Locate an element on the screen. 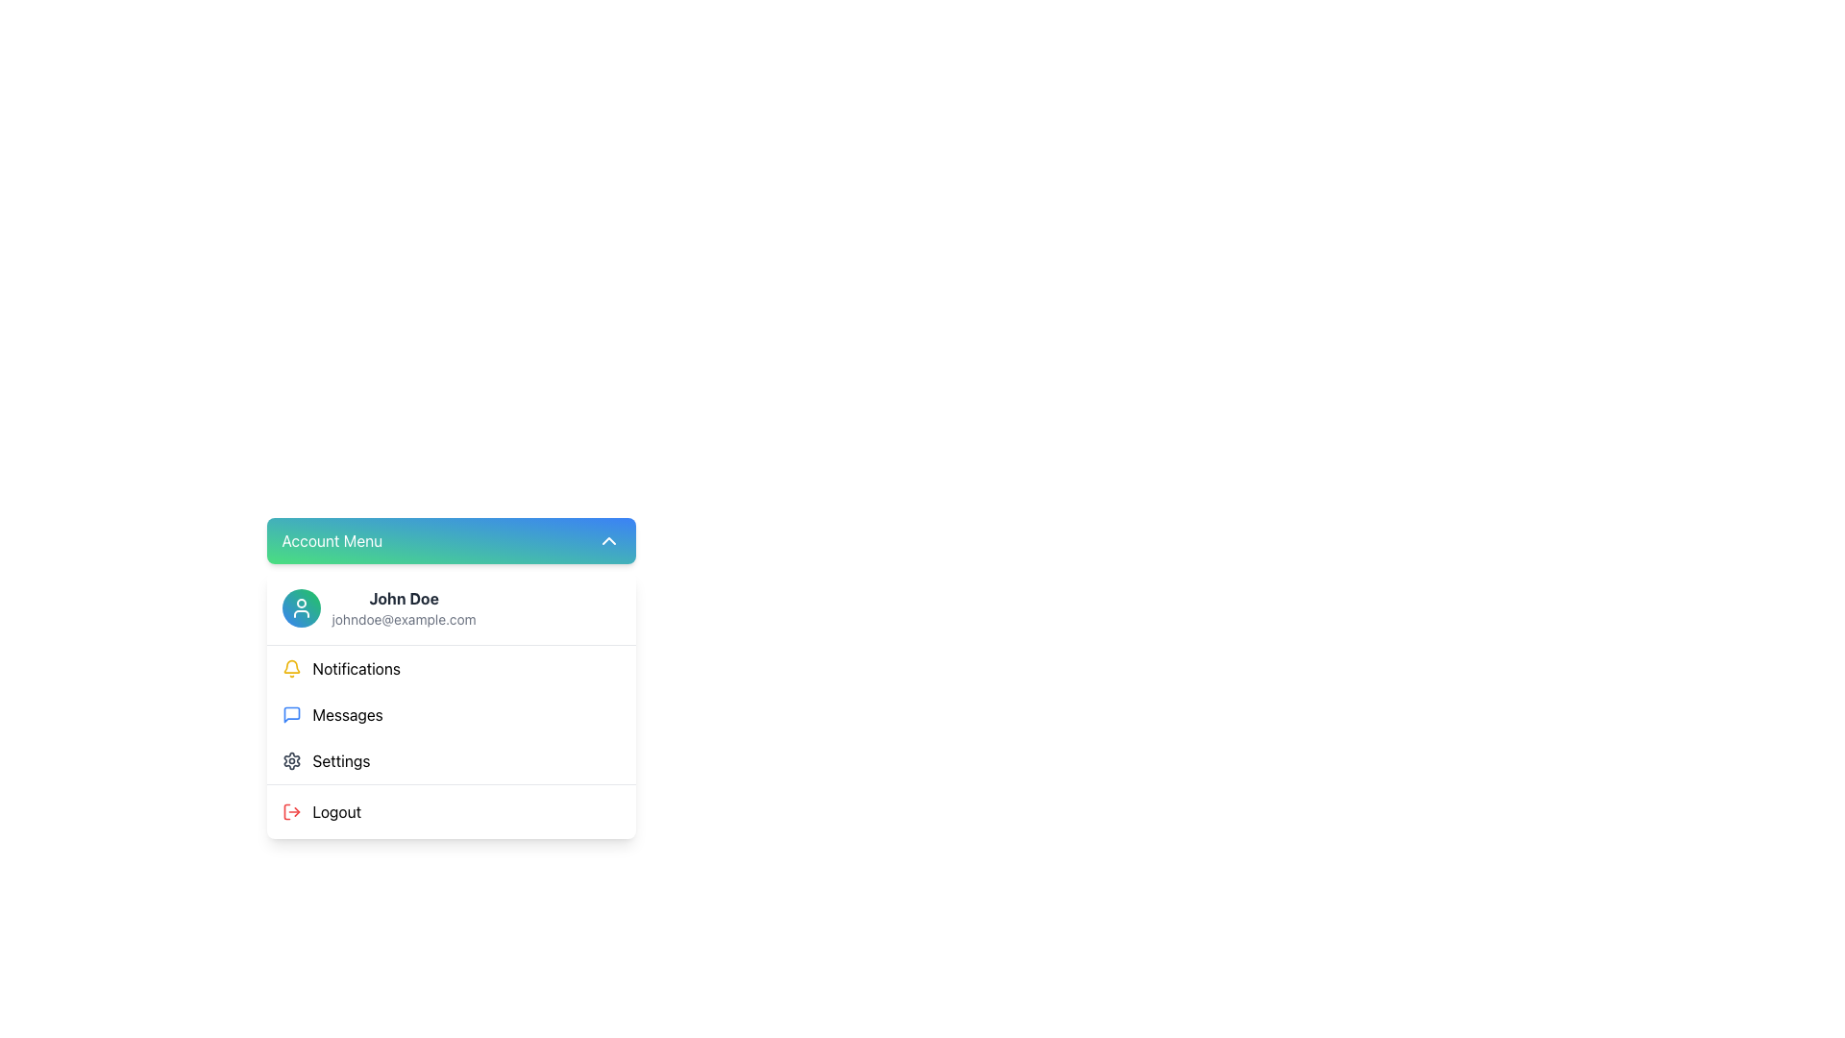 This screenshot has height=1038, width=1845. the Profile Avatar icon located in the top-left corner next to the user information is located at coordinates (300, 607).